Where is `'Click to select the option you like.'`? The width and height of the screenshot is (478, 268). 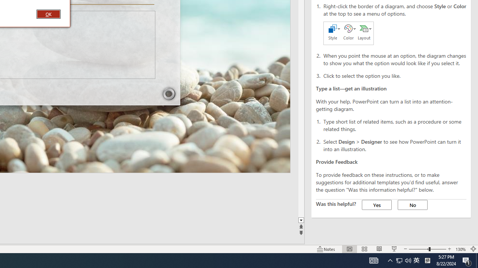 'Click to select the option you like.' is located at coordinates (394, 76).